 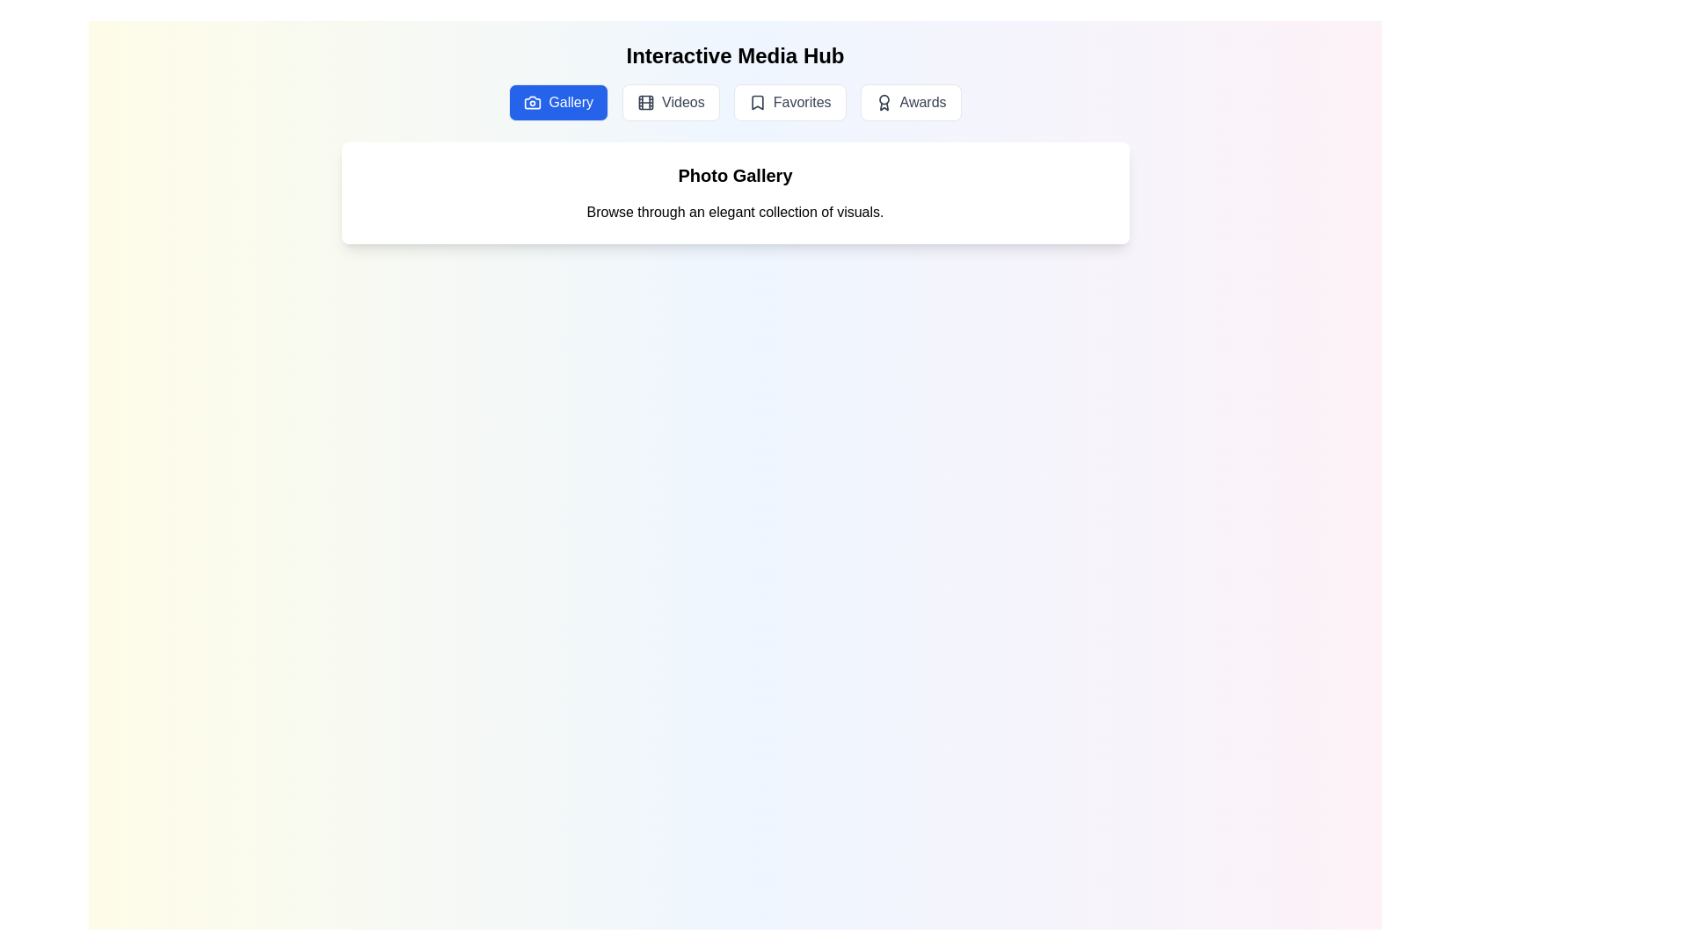 I want to click on the 'Gallery' button in the navigation bar, so click(x=735, y=102).